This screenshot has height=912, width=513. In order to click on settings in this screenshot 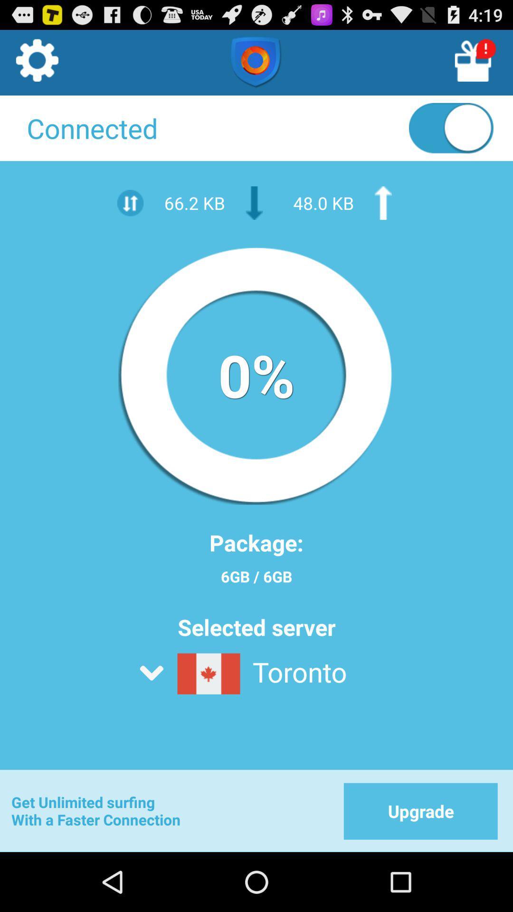, I will do `click(36, 63)`.